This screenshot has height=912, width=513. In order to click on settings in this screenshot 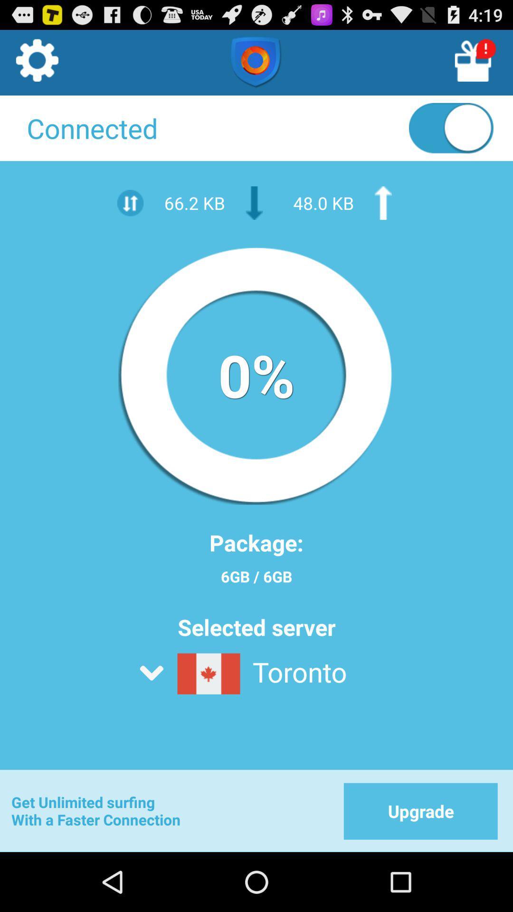, I will do `click(36, 63)`.